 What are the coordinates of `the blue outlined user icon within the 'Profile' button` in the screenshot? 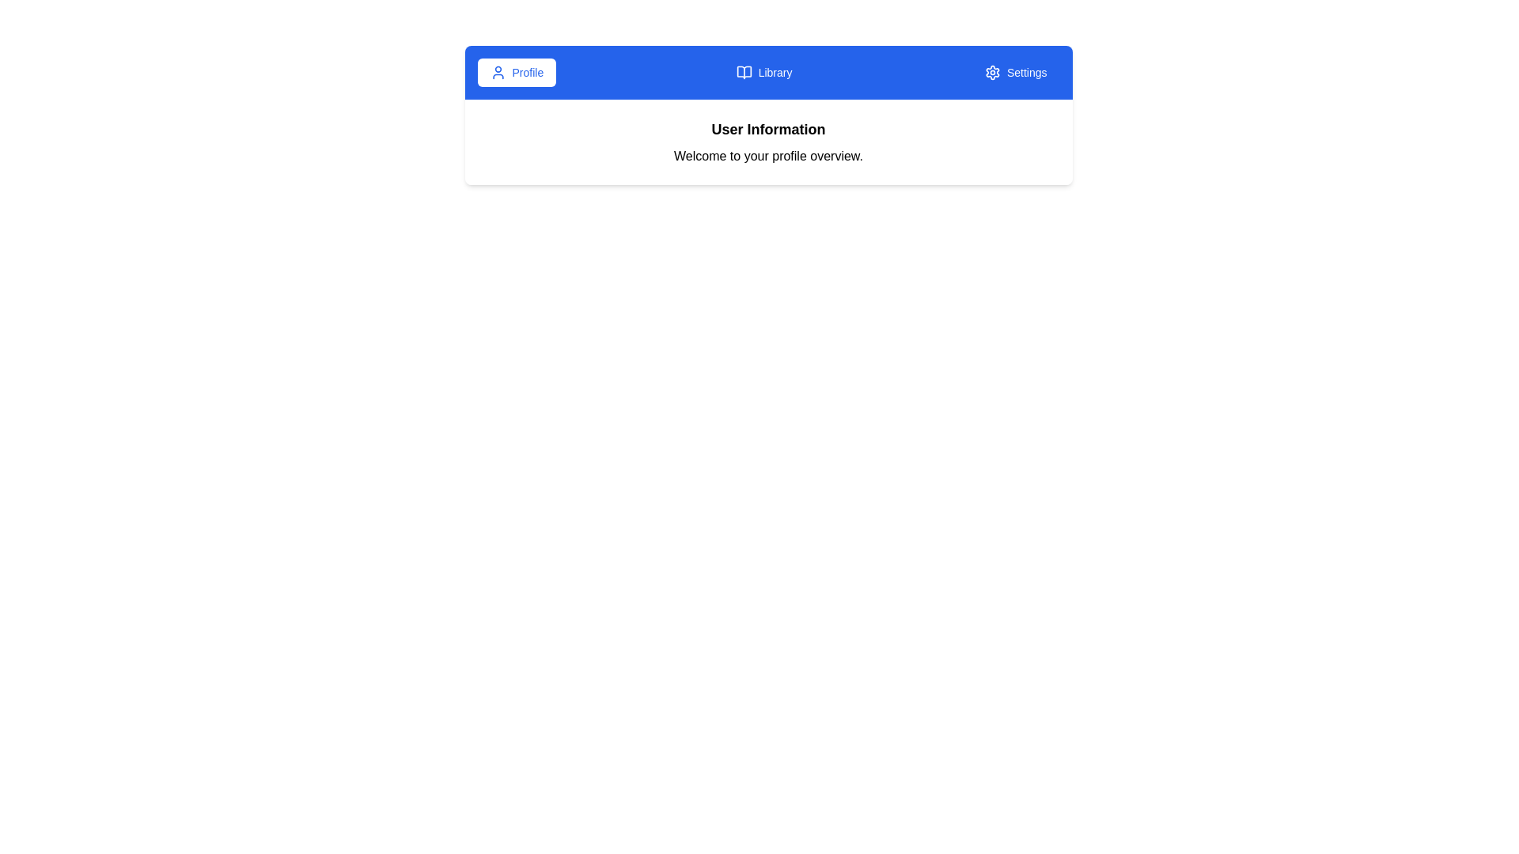 It's located at (497, 73).